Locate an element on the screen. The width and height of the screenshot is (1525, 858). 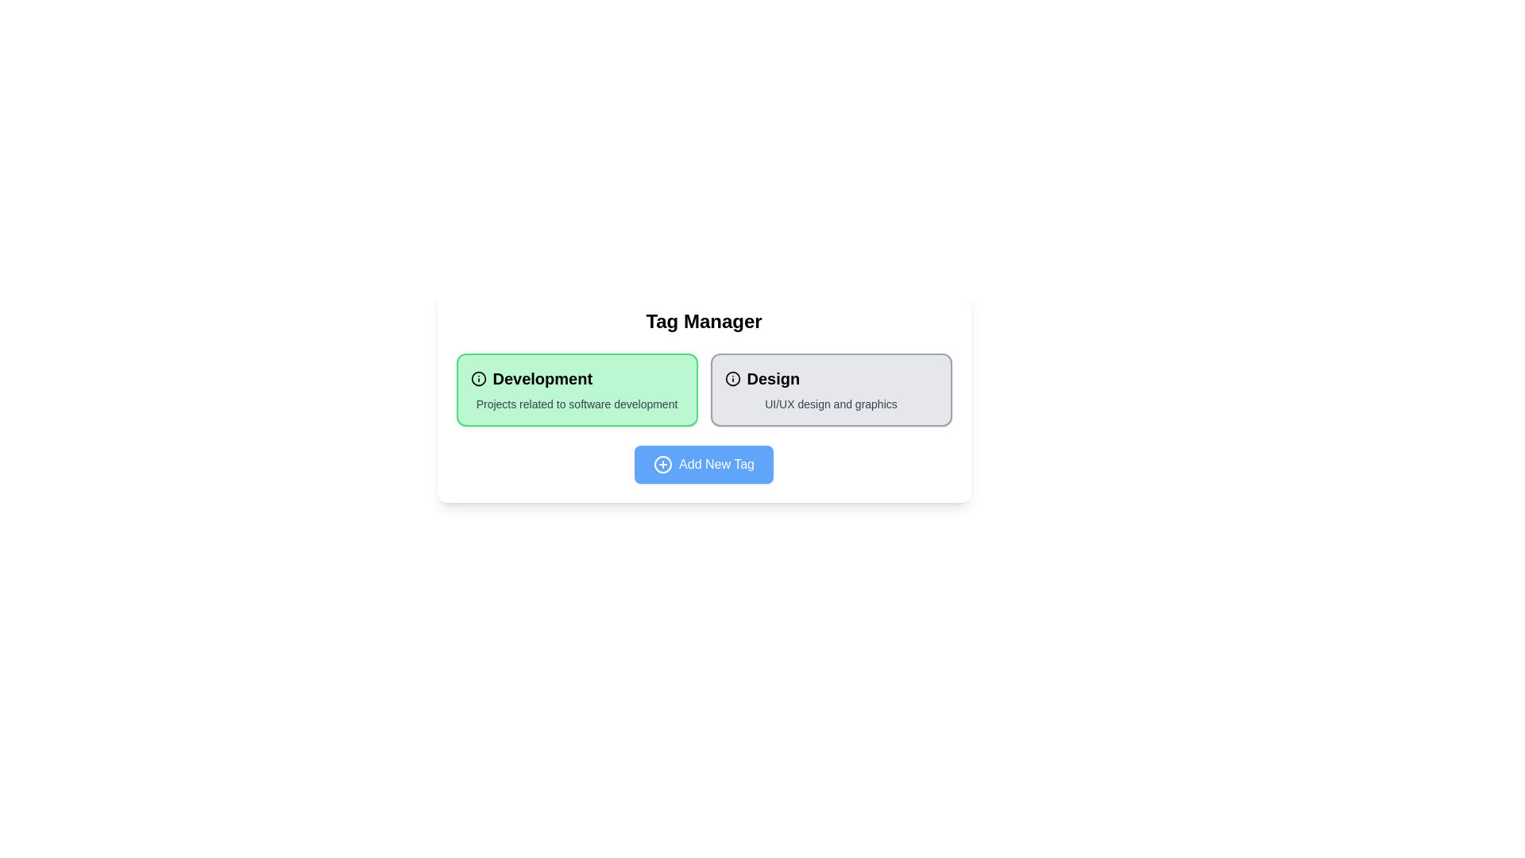
the circular information icon located in the 'Design' section, adjacent to the text 'Design' is located at coordinates (732, 379).